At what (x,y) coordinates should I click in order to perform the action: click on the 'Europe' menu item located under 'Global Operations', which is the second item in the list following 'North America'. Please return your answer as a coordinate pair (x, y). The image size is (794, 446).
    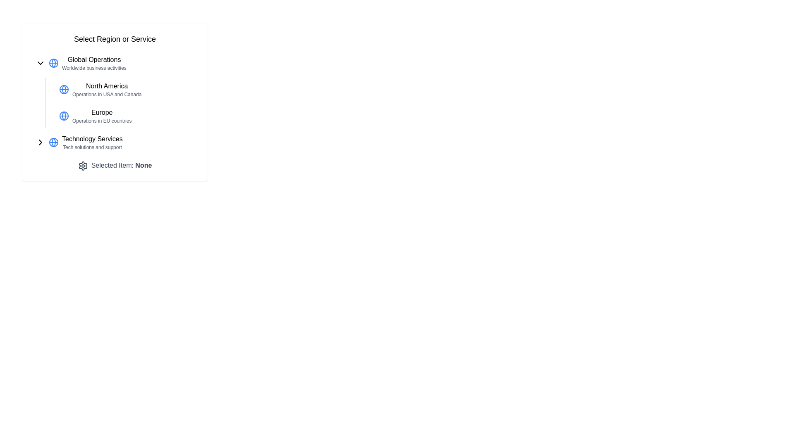
    Looking at the image, I should click on (124, 116).